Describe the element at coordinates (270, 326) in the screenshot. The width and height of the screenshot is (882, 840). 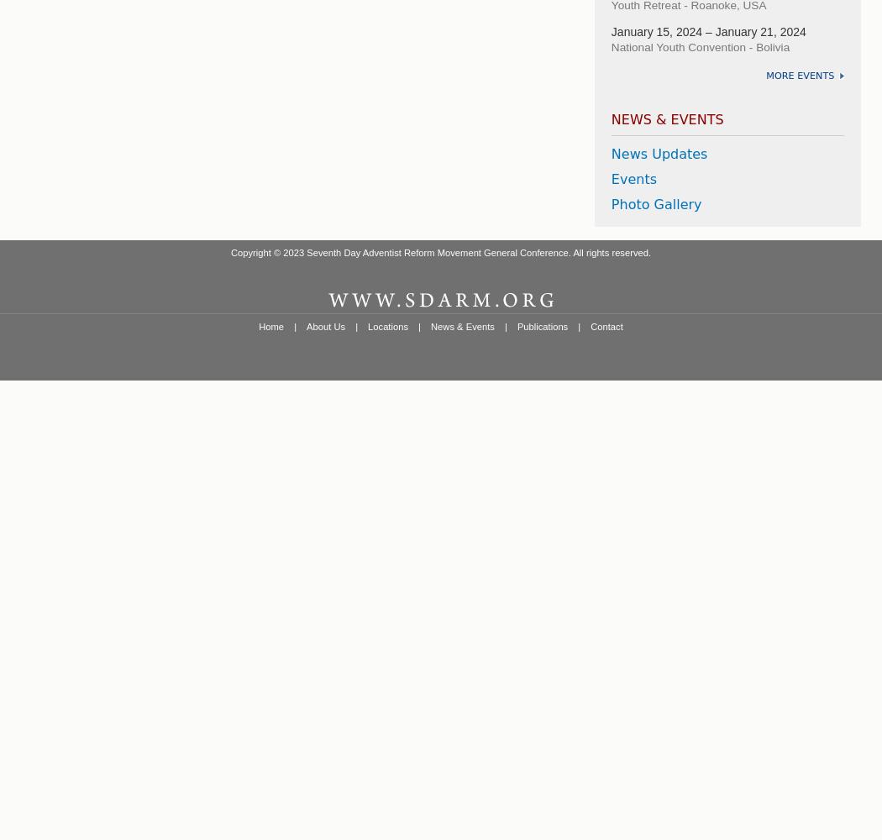
I see `'Home'` at that location.